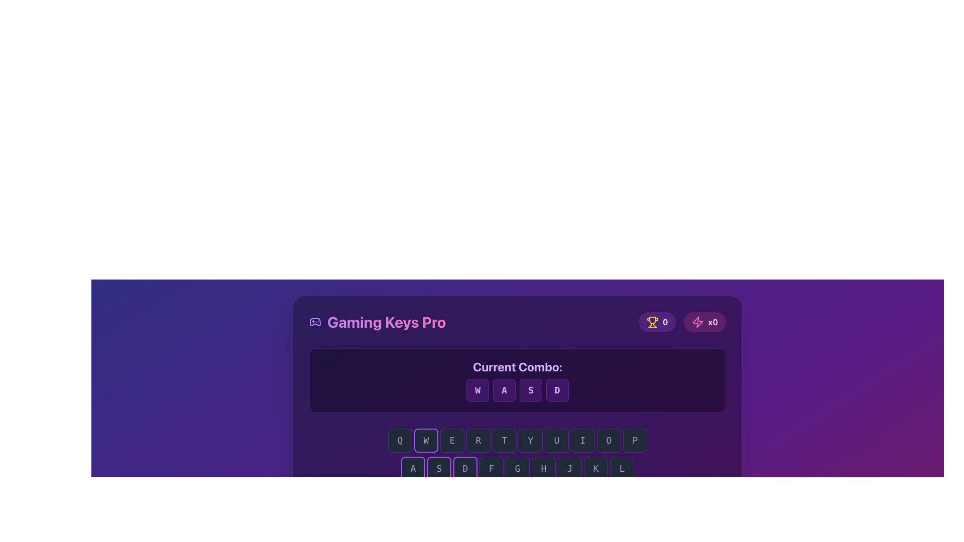 The height and width of the screenshot is (542, 964). Describe the element at coordinates (557, 390) in the screenshot. I see `the button displaying the letter 'D' in a monospace font, which is the fourth button in a row of four buttons with a purple background, located at the bottom-right of the row` at that location.